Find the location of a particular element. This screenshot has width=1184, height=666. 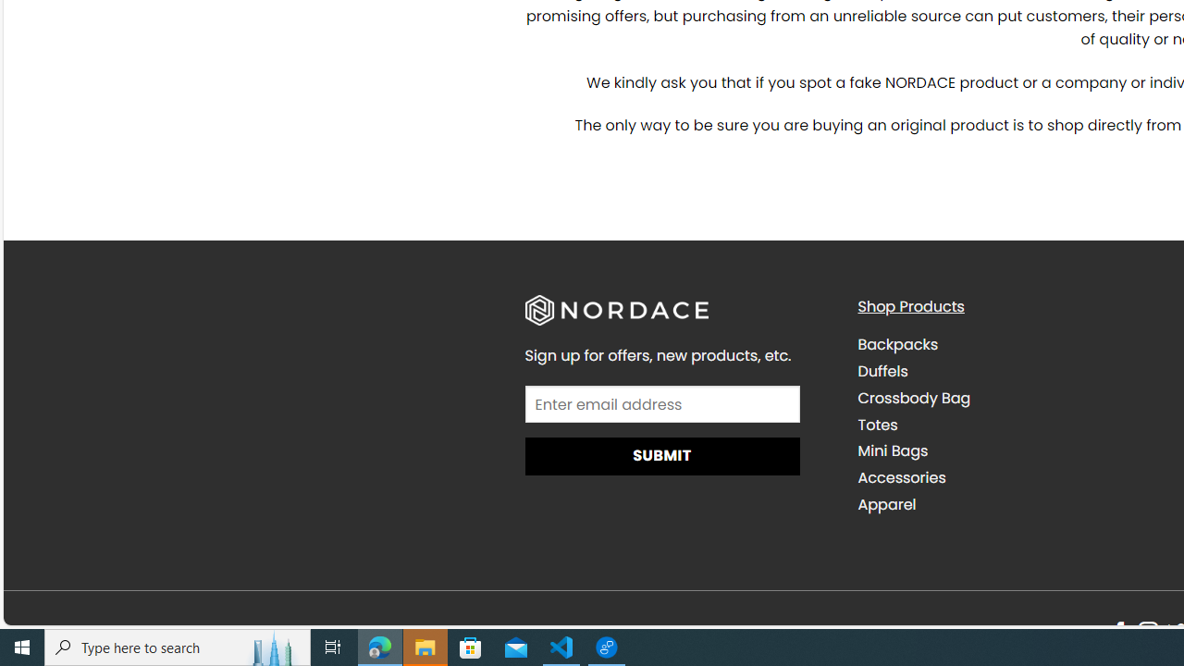

'Mini Bags' is located at coordinates (1009, 451).